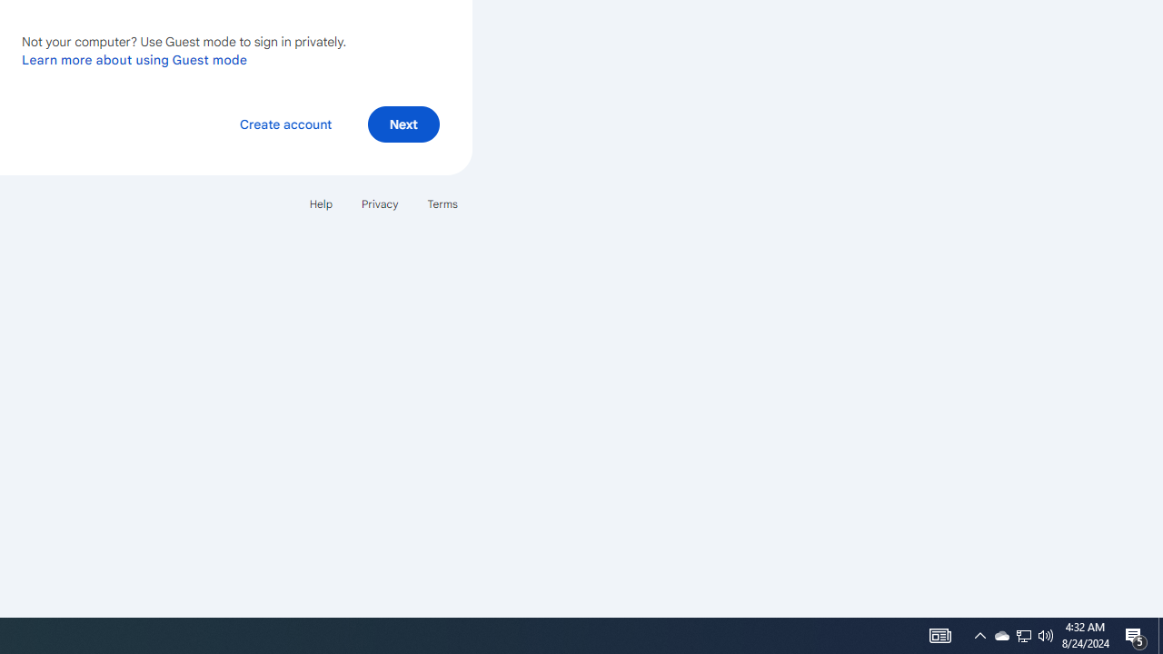 This screenshot has width=1163, height=654. I want to click on 'Learn more about using Guest mode', so click(134, 58).